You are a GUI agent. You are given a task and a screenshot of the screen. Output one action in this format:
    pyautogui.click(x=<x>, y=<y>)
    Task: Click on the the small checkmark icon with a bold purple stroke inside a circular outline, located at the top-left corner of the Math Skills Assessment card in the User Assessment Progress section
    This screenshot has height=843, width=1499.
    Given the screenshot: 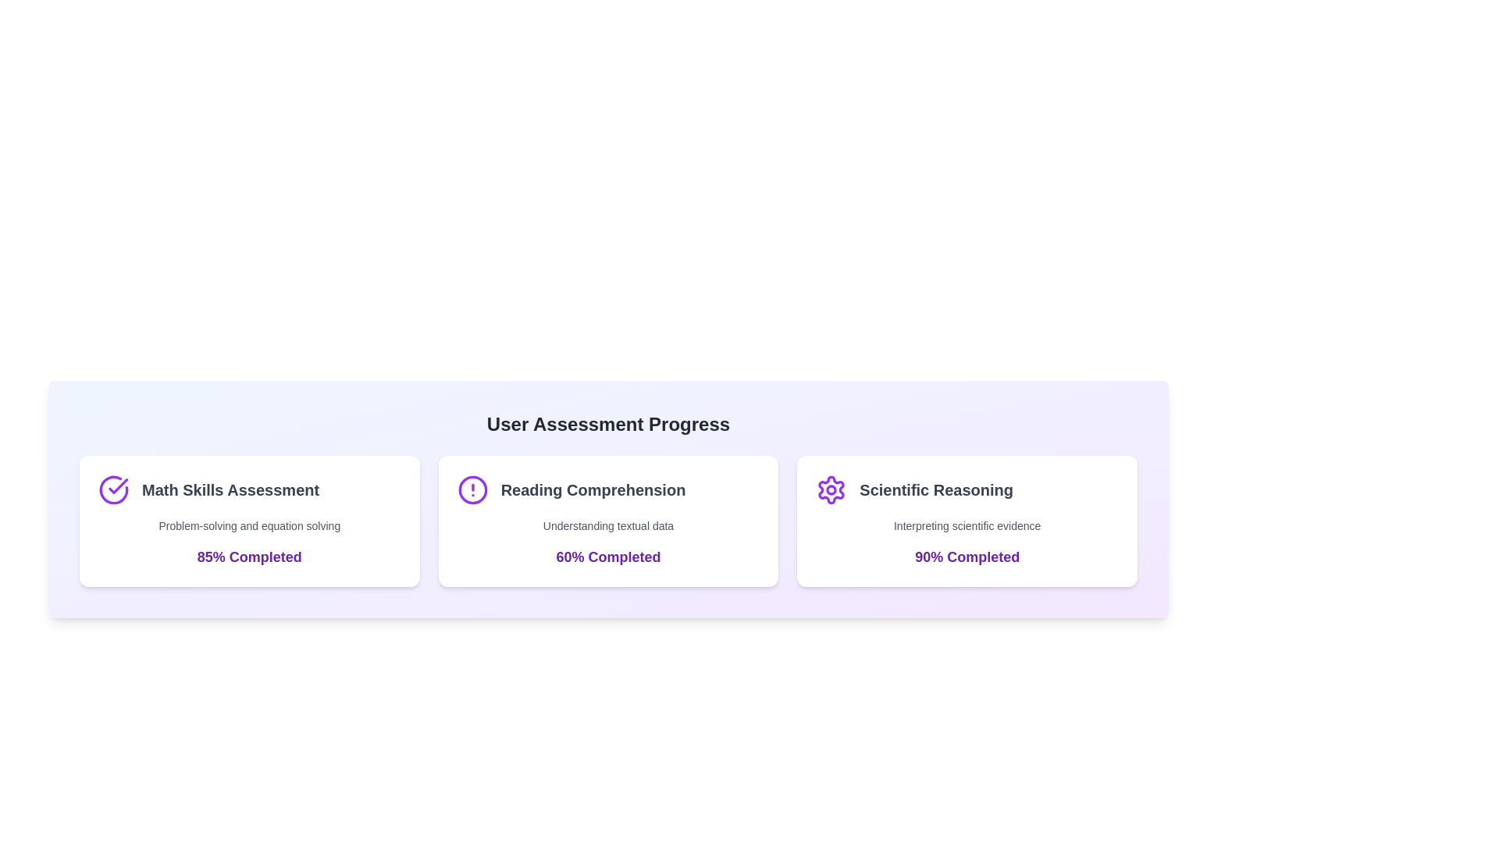 What is the action you would take?
    pyautogui.click(x=117, y=486)
    